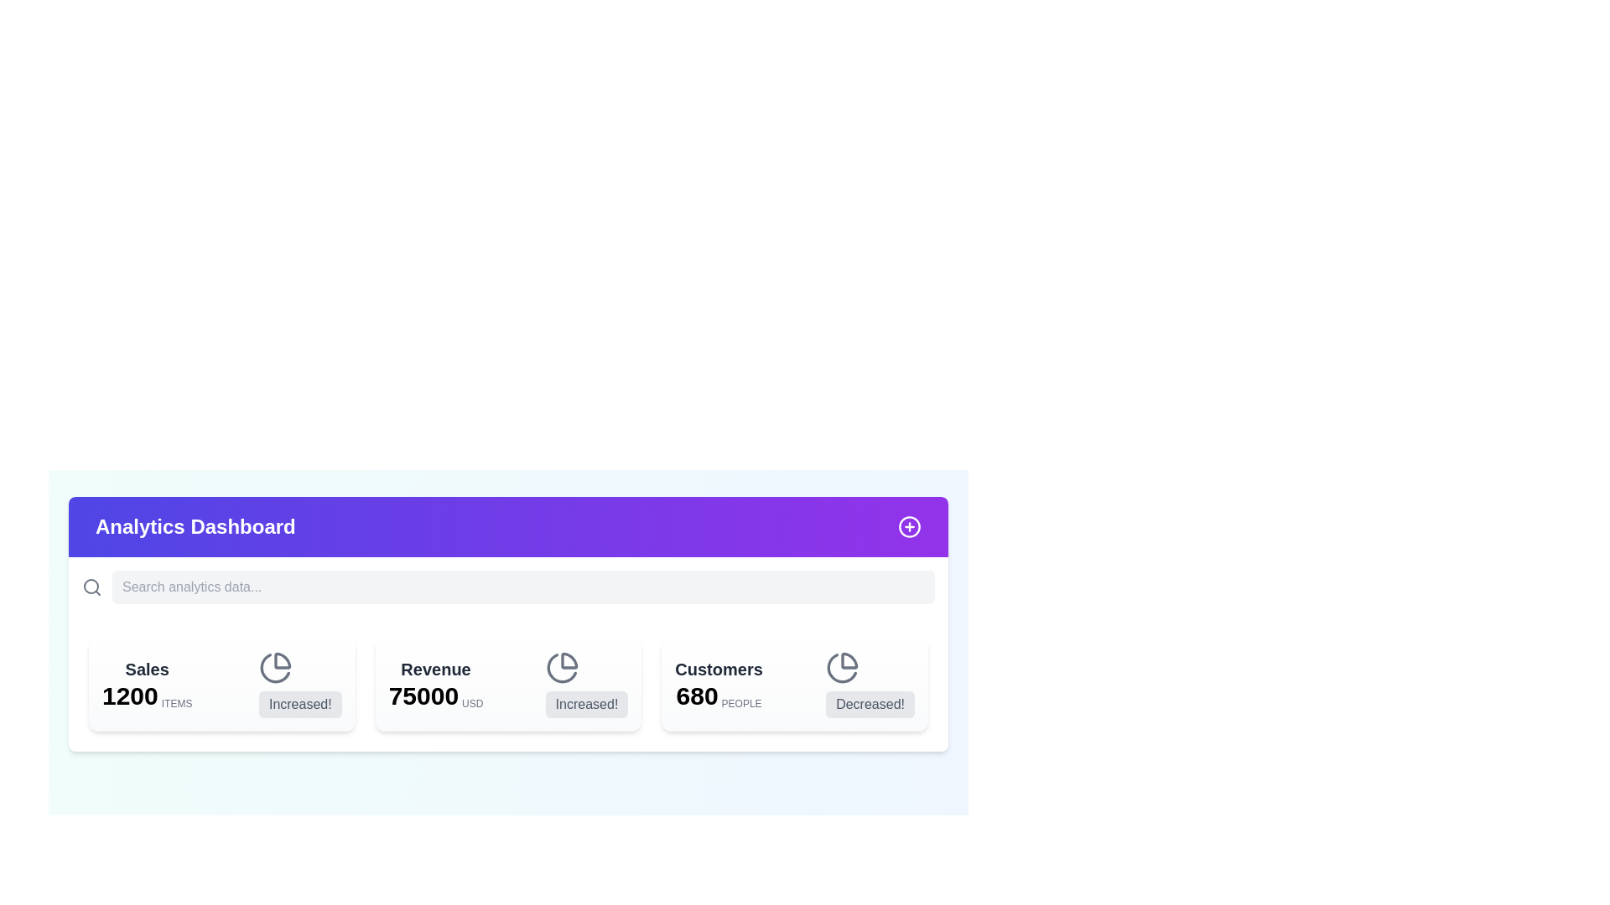 Image resolution: width=1610 pixels, height=905 pixels. Describe the element at coordinates (842, 667) in the screenshot. I see `properties of the outlined pie chart icon located in the 'Customers' section of the dashboard, adjacent to the 'Decreased!' label` at that location.